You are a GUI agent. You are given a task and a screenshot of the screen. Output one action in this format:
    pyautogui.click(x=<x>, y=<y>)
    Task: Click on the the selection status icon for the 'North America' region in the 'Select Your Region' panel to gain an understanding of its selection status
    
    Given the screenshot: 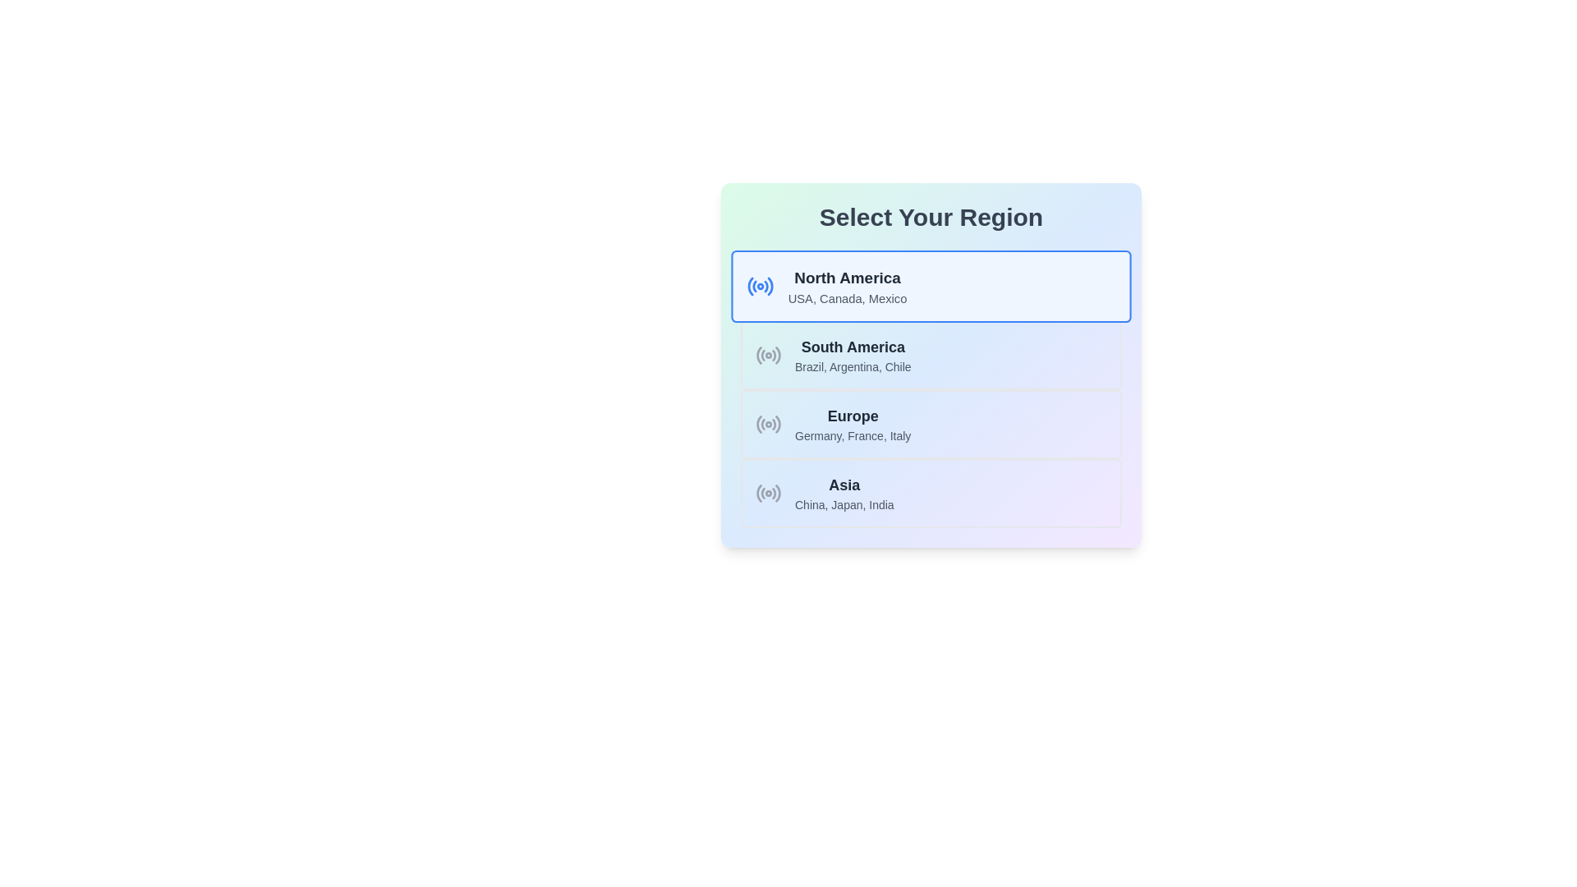 What is the action you would take?
    pyautogui.click(x=760, y=285)
    